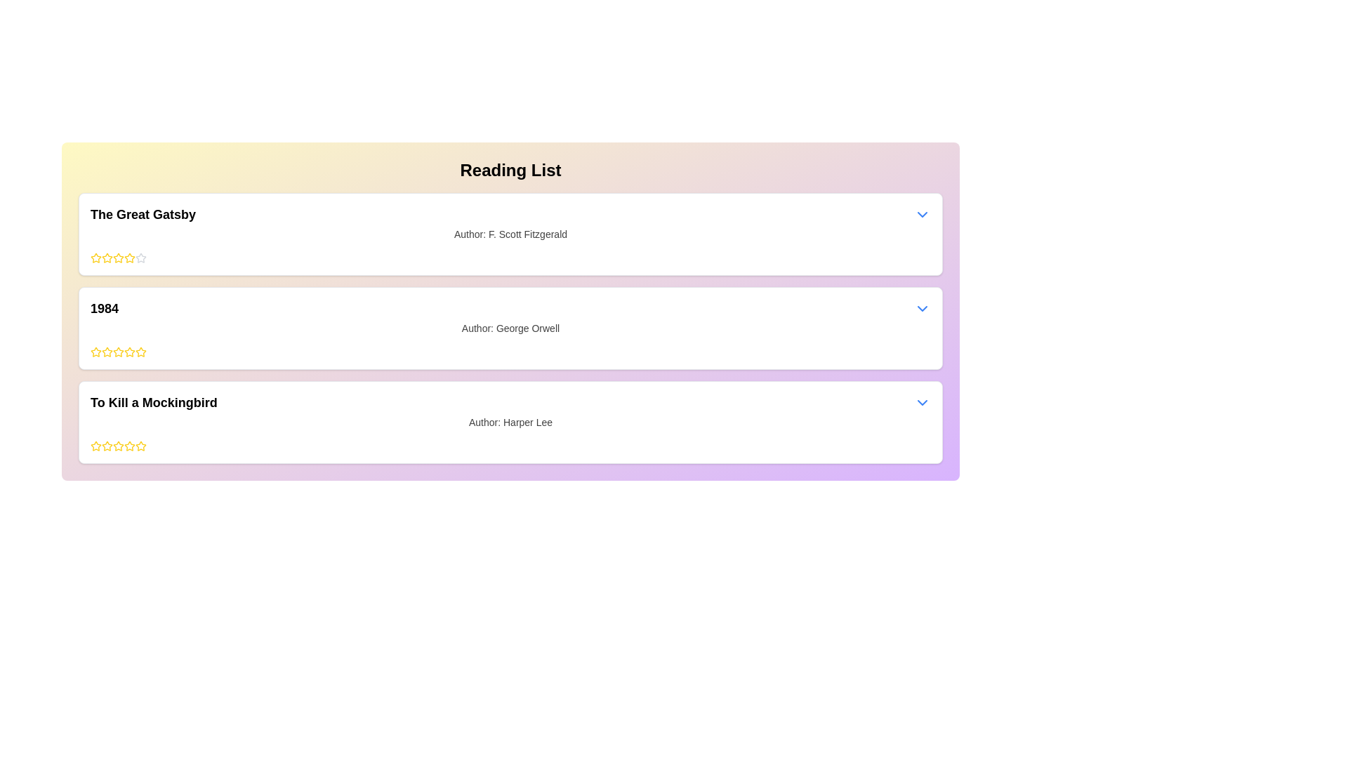 Image resolution: width=1348 pixels, height=758 pixels. I want to click on the second star icon in the rating section of the second book in the 'Reading List', so click(95, 351).